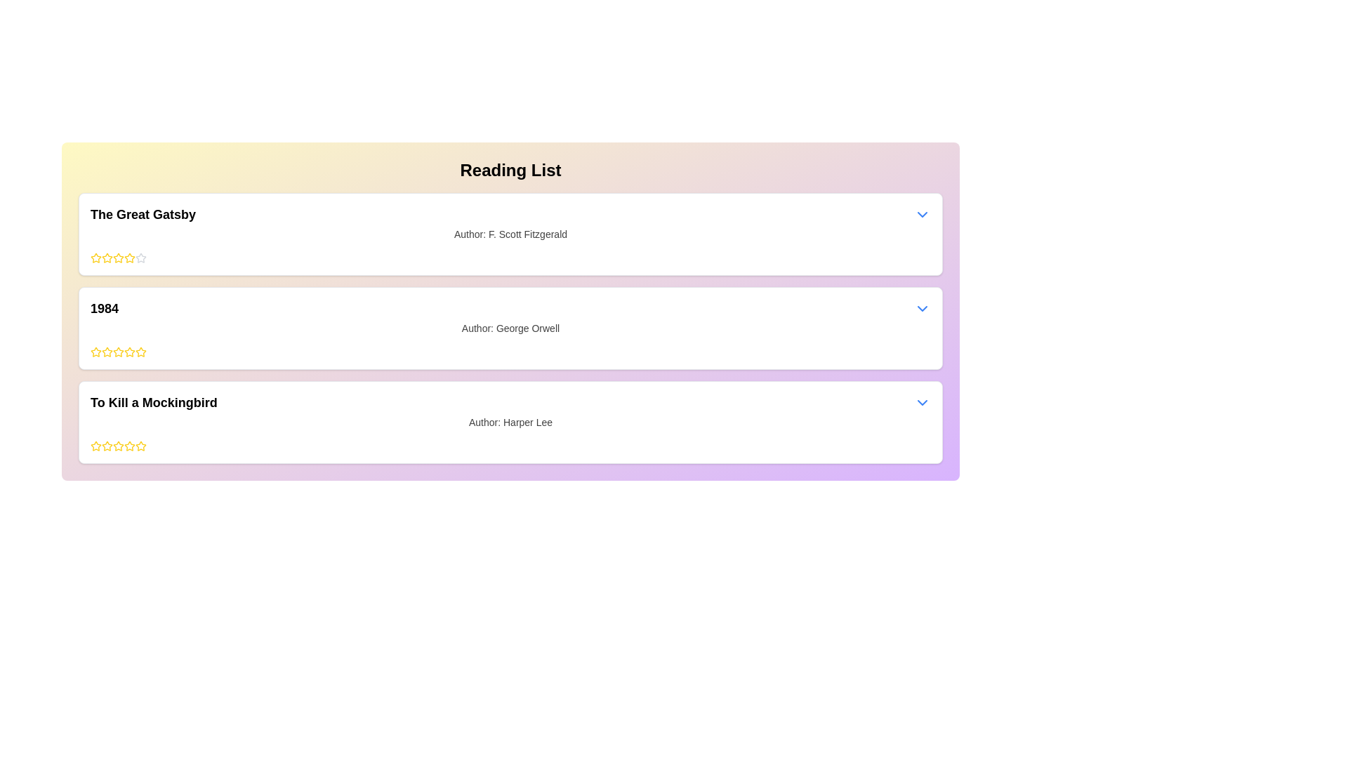 Image resolution: width=1348 pixels, height=758 pixels. I want to click on the second star icon in the rating section of the second book in the 'Reading List', so click(95, 351).